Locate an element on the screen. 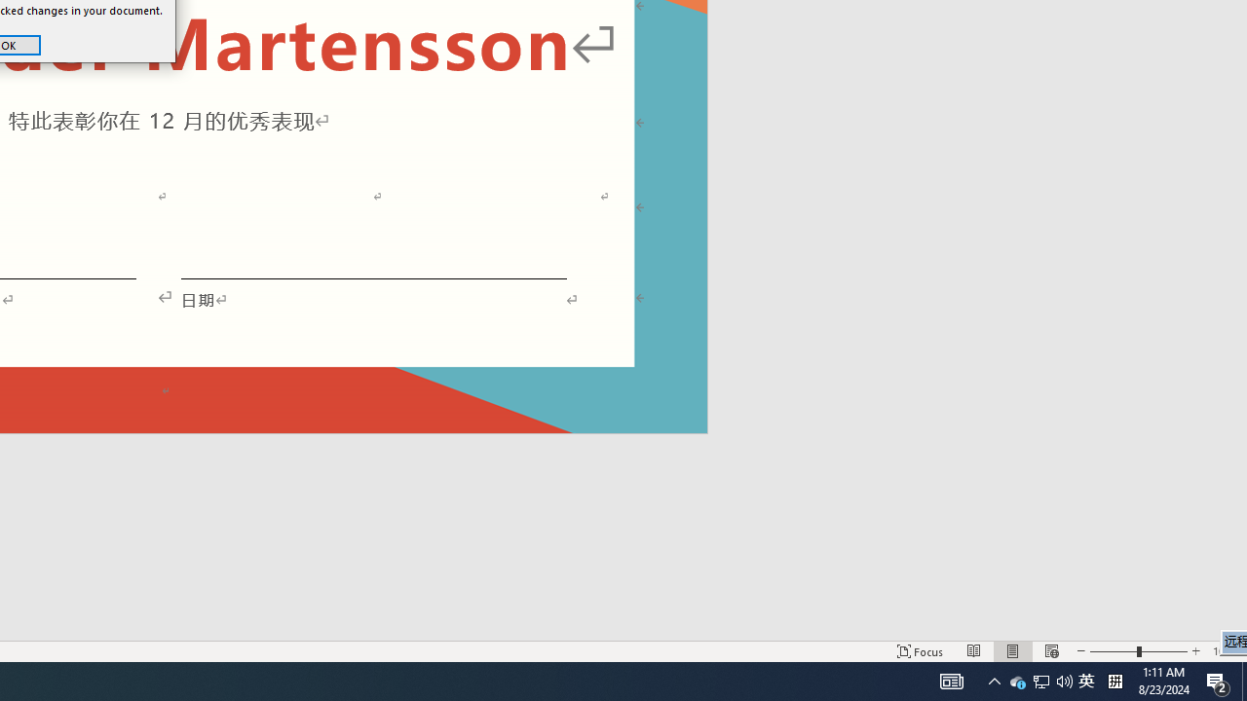  'User Promoted Notification Area' is located at coordinates (1040, 680).